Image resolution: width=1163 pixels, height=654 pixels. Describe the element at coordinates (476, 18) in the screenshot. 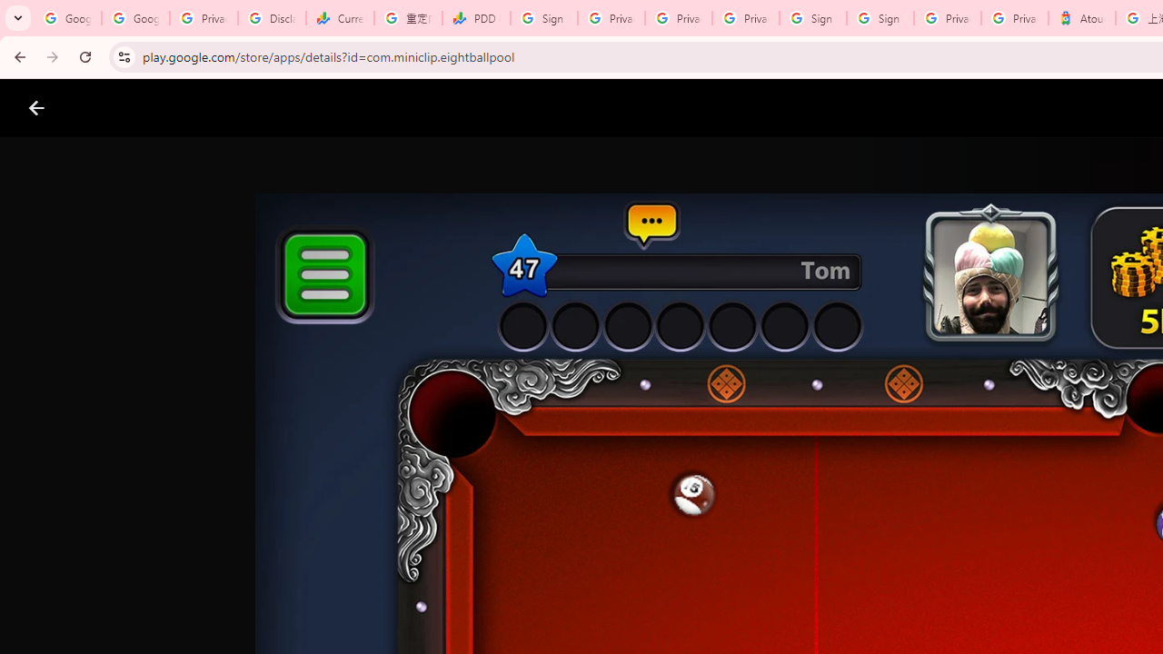

I see `'PDD Holdings Inc - ADR (PDD) Price & News - Google Finance'` at that location.